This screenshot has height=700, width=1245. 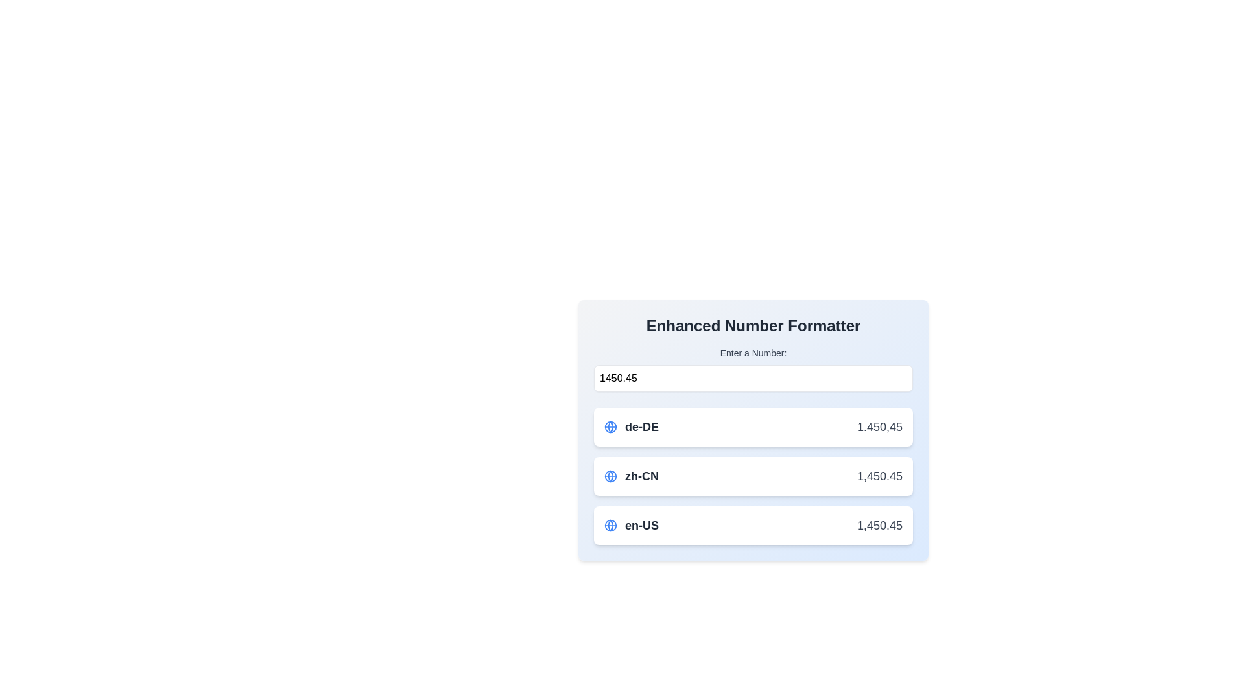 What do you see at coordinates (632, 525) in the screenshot?
I see `to select or activate the 'en-US' locale option, represented by a globe icon and the text 'en-US' in a bold, dark gray font, located within a vertical list of locale options` at bounding box center [632, 525].